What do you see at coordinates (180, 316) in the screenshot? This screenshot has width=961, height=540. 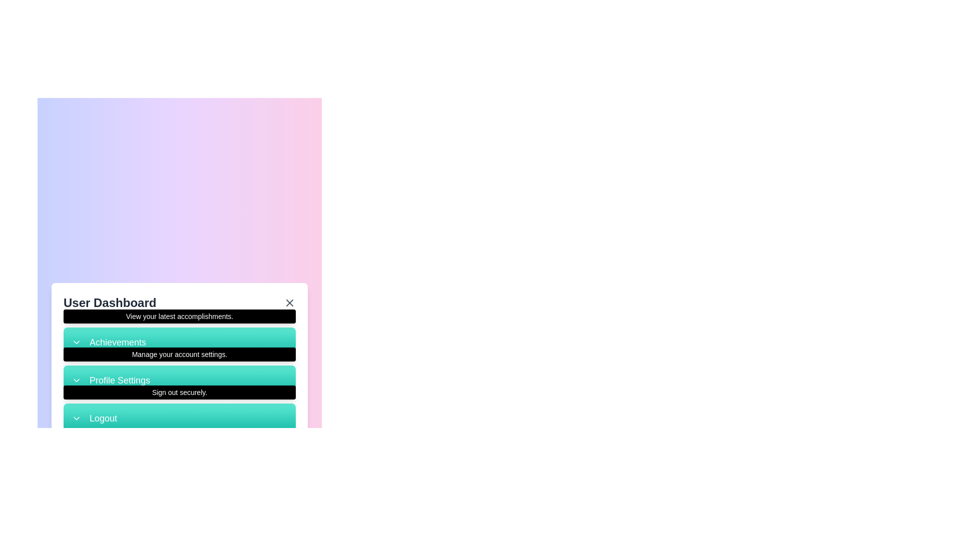 I see `the informative tooltip that provides context for the 'Achievements' section, located centrally above it` at bounding box center [180, 316].